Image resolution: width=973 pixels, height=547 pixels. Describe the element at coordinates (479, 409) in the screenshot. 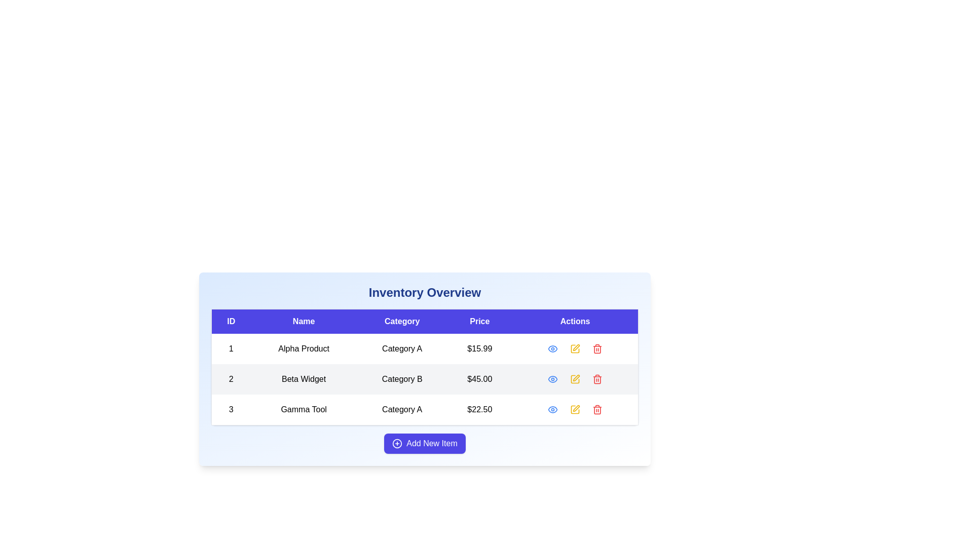

I see `the static text displaying the price of the listed item in the fourth column of the last row of the 'Inventory Overview' table` at that location.